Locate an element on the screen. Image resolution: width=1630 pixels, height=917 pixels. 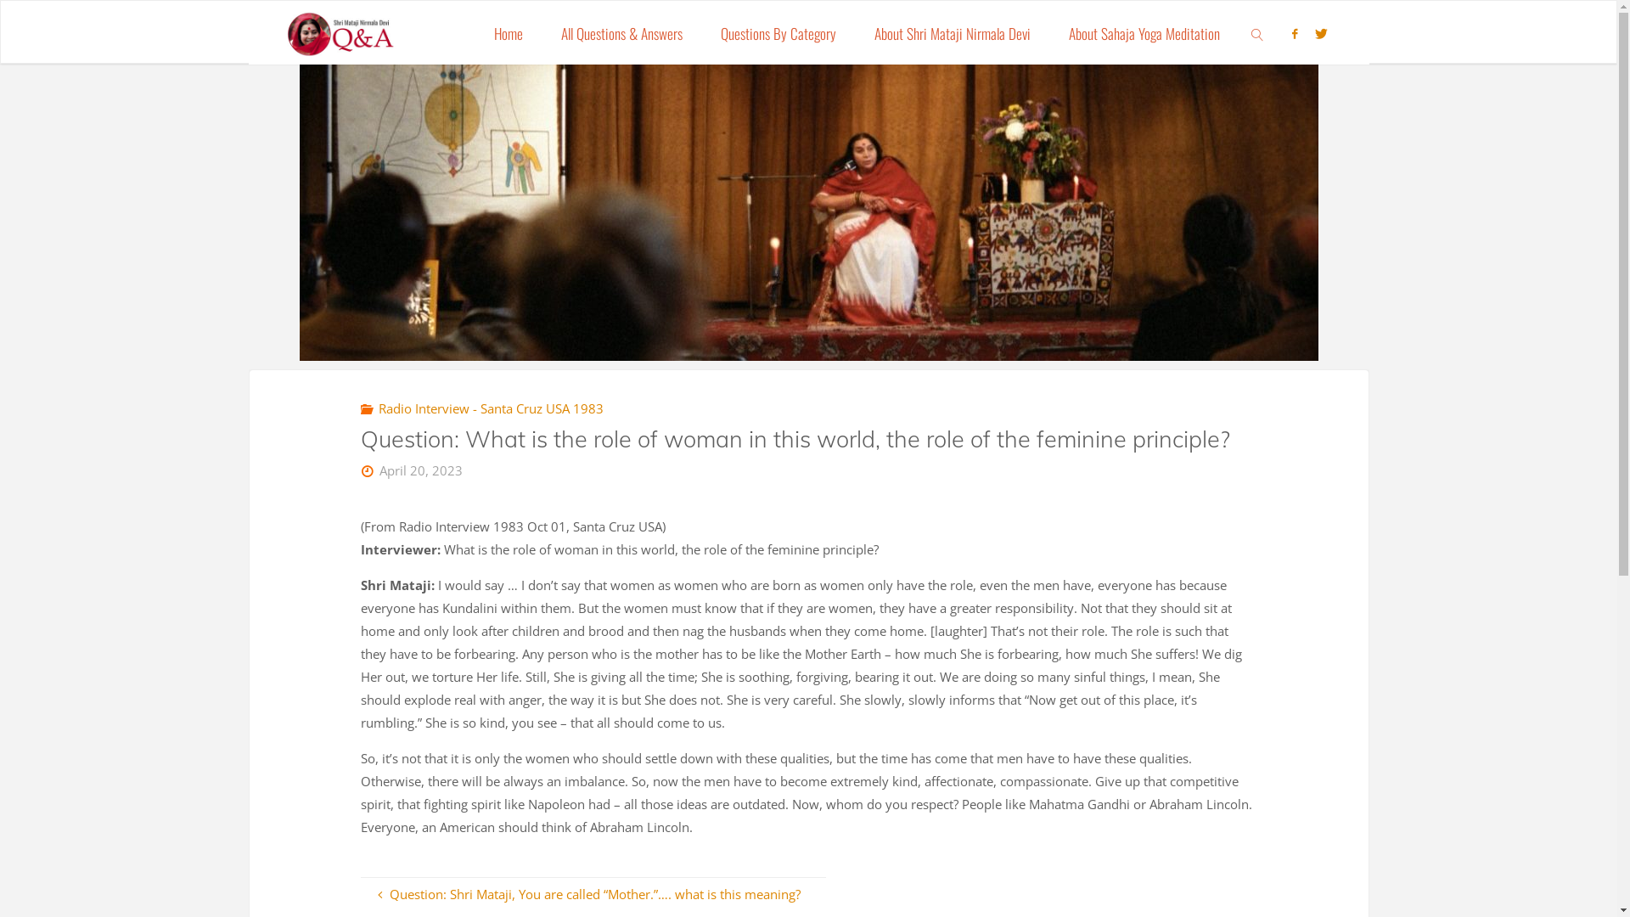
'Date' is located at coordinates (367, 470).